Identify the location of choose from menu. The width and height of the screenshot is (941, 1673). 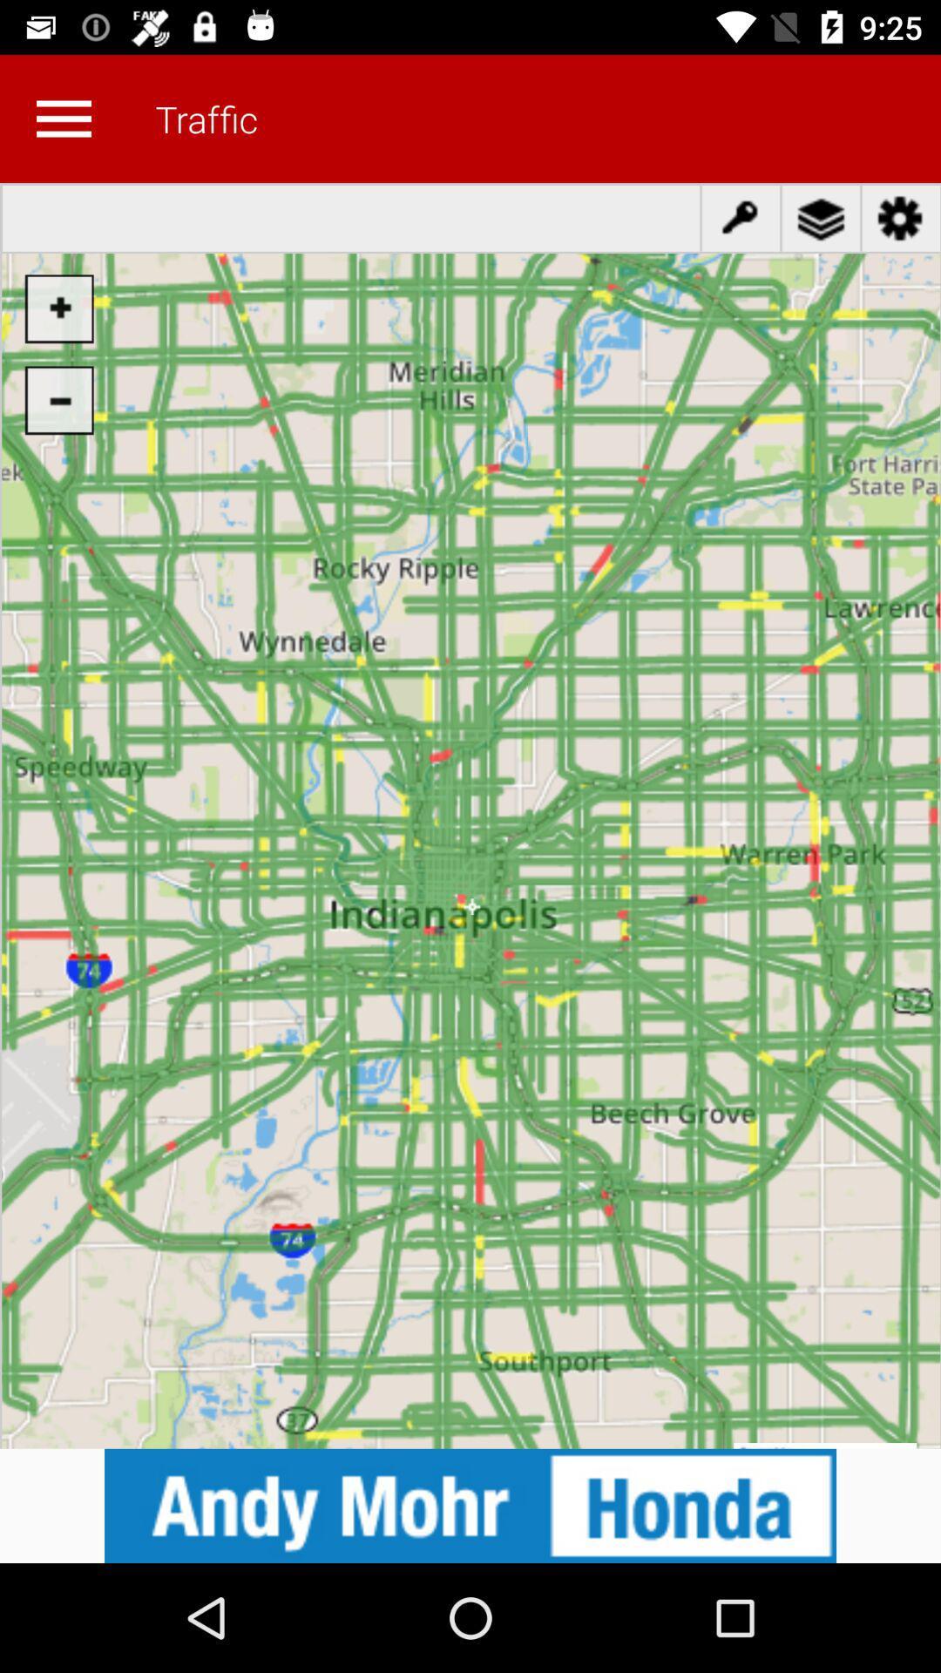
(63, 118).